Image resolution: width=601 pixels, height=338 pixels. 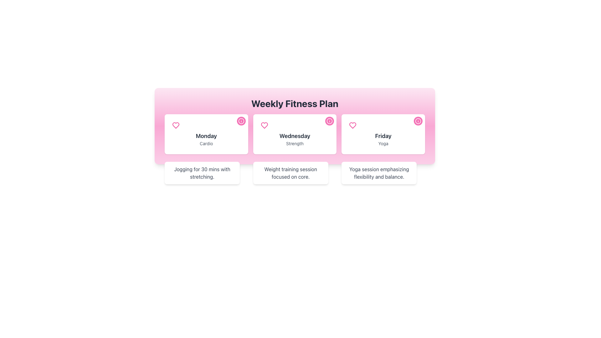 What do you see at coordinates (206, 134) in the screenshot?
I see `the cardio exercise card located below the 'Weekly Fitness Plan' heading, which is the first card in a grid of three cards` at bounding box center [206, 134].